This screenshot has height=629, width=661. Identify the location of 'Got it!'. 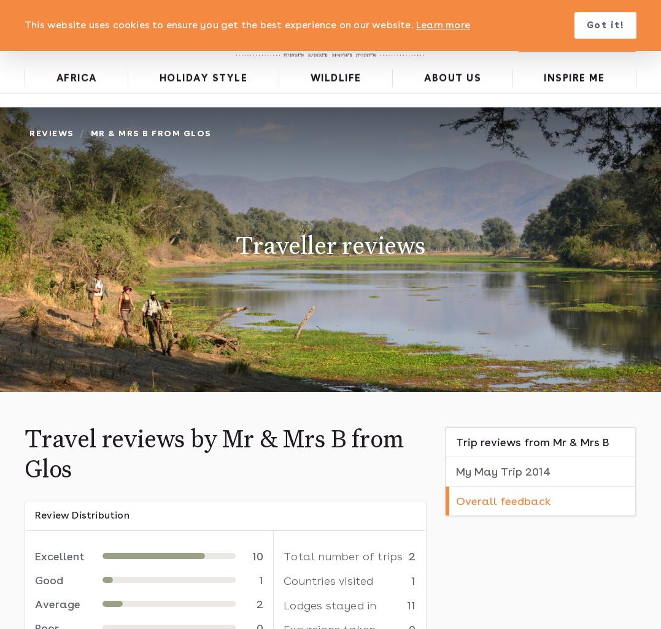
(605, 25).